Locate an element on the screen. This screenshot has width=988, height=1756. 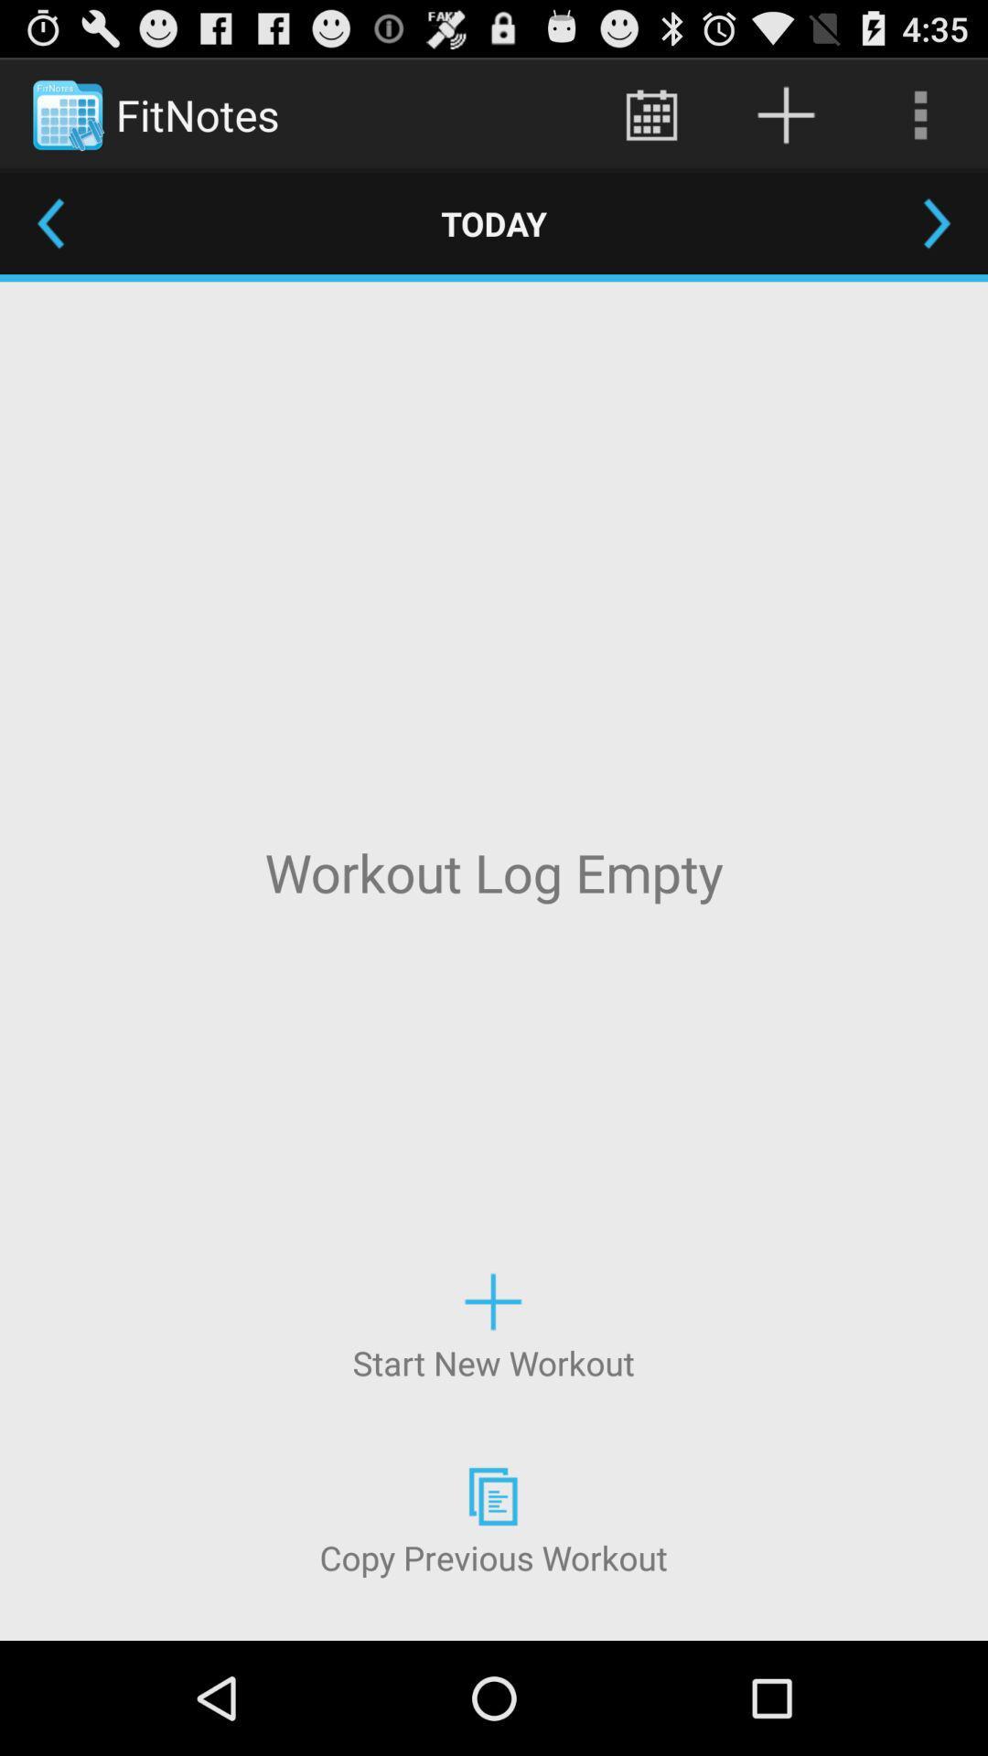
app next to today is located at coordinates (49, 222).